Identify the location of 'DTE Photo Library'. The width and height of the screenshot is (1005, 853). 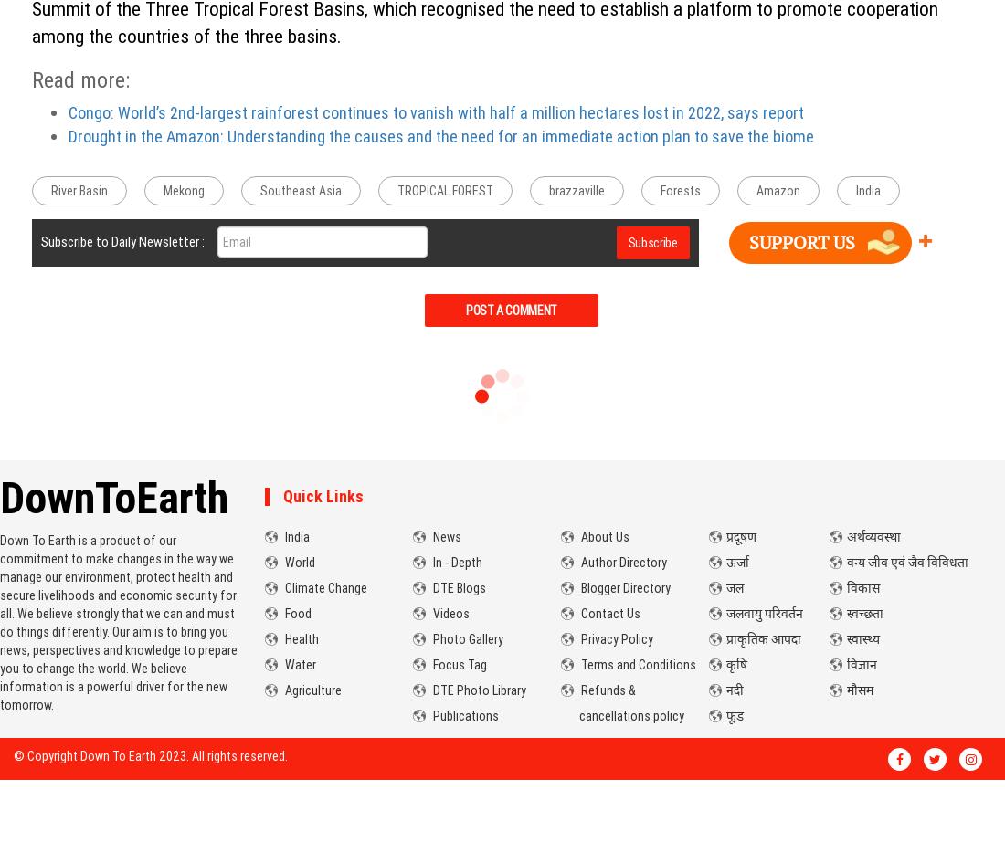
(478, 689).